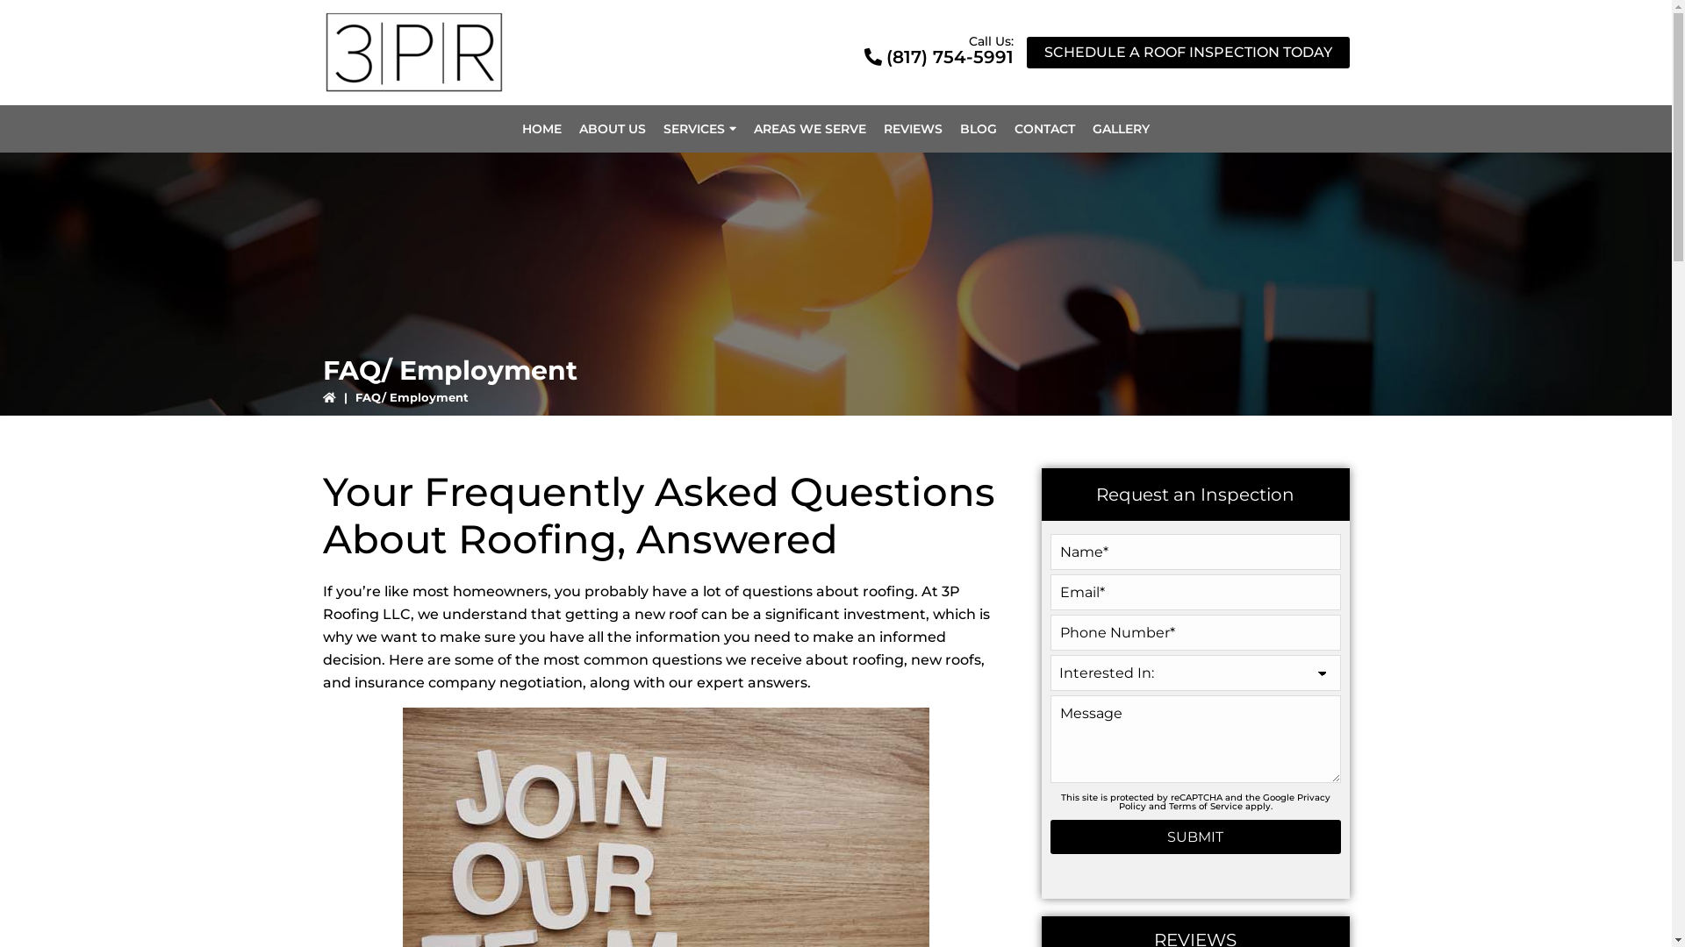 The image size is (1685, 947). I want to click on 'ABOUT US', so click(612, 127).